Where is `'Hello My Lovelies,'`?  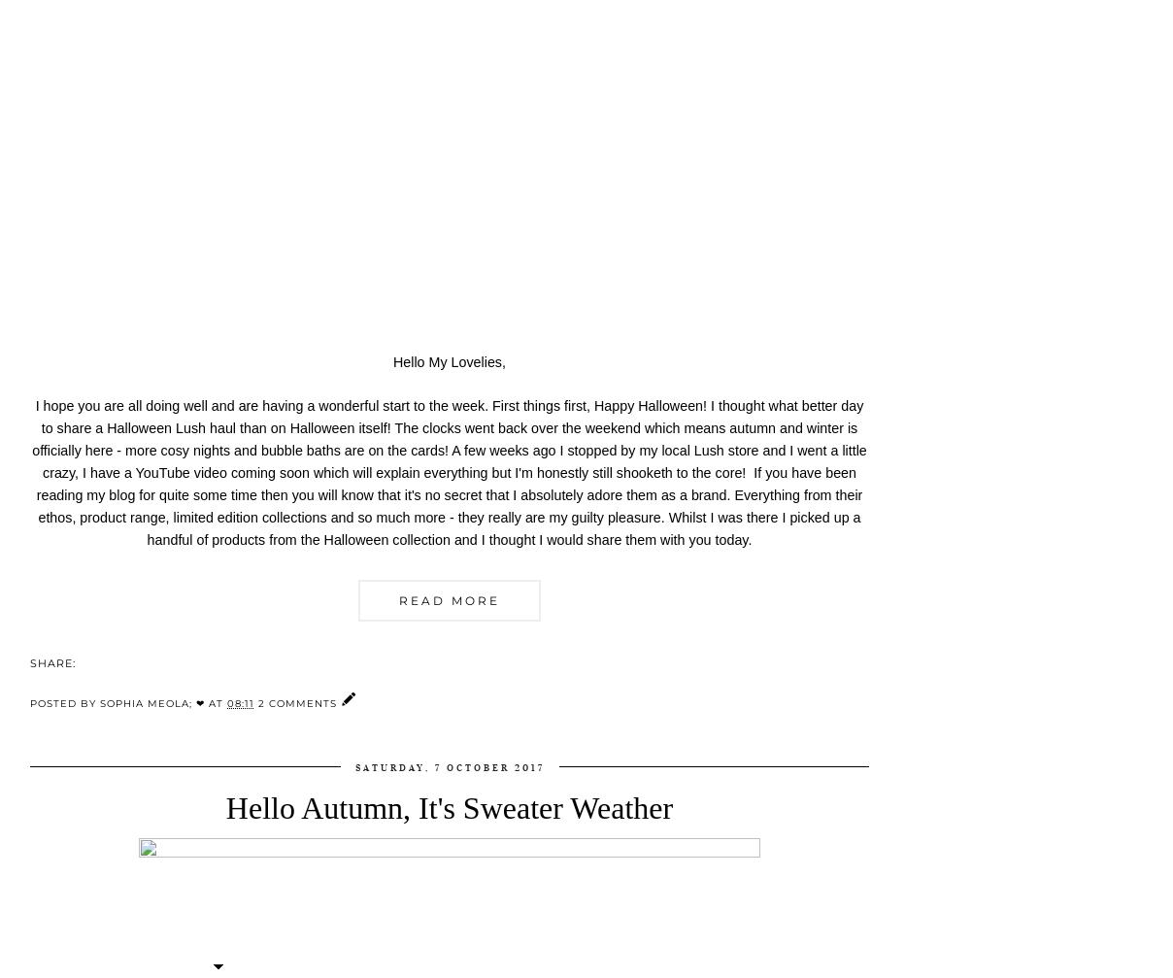 'Hello My Lovelies,' is located at coordinates (449, 360).